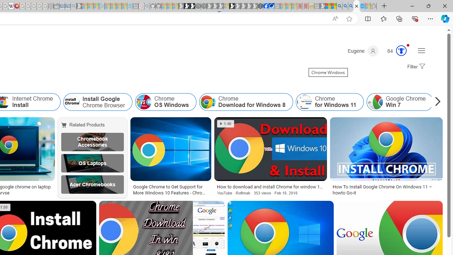 The height and width of the screenshot is (255, 453). Describe the element at coordinates (399, 102) in the screenshot. I see `'Google Chrome Win 7'` at that location.